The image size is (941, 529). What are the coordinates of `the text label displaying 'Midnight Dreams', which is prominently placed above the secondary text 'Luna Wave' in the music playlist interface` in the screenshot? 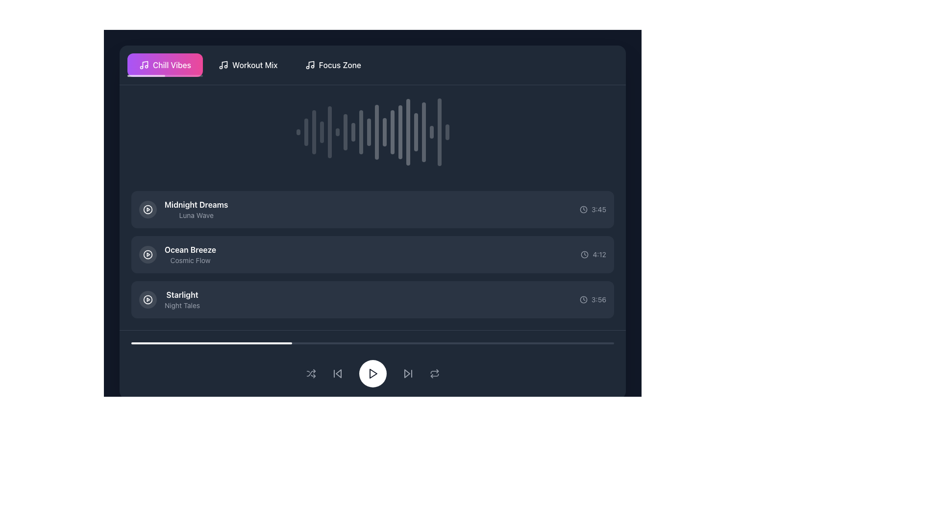 It's located at (196, 204).